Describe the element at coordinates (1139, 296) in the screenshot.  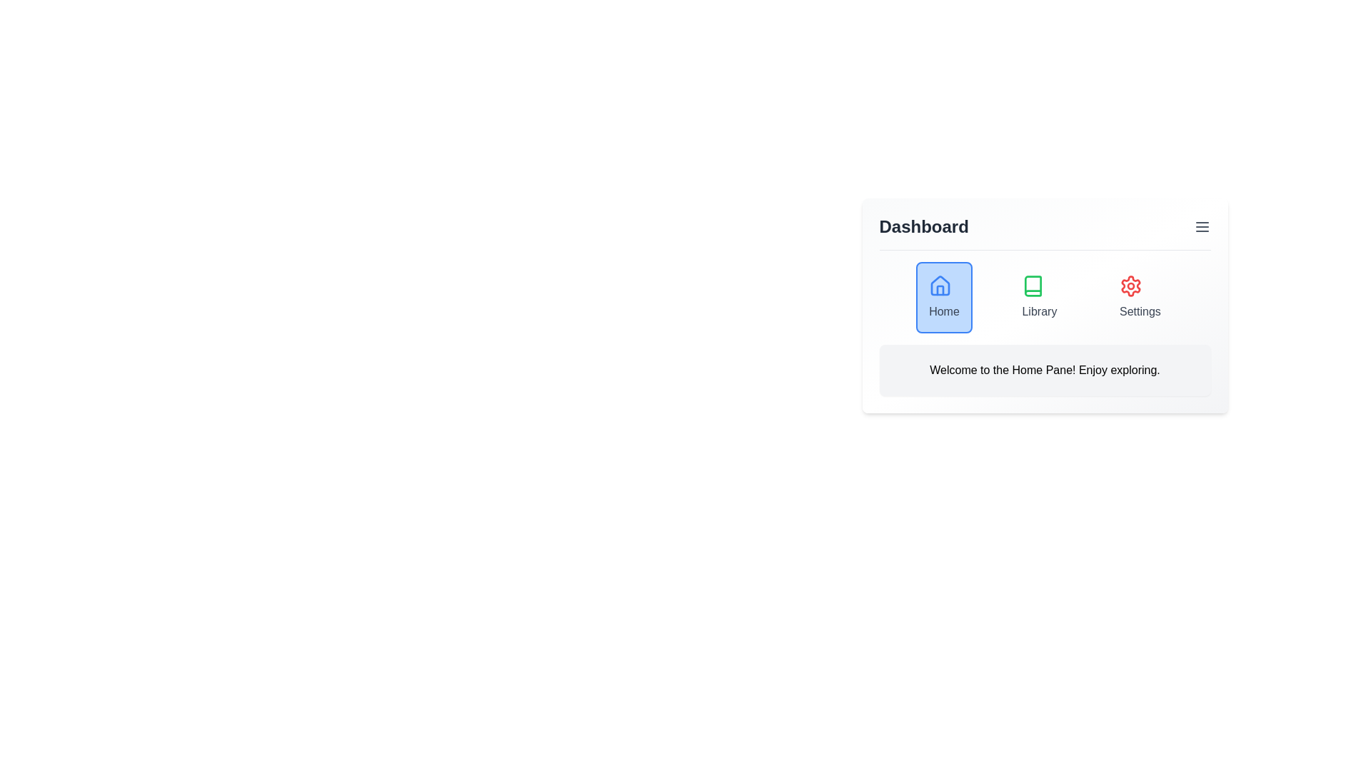
I see `the 'Settings' button, which is a rounded rectangular button with a red gear icon above medium gray text, positioned as the third option in a horizontal row of three elements` at that location.